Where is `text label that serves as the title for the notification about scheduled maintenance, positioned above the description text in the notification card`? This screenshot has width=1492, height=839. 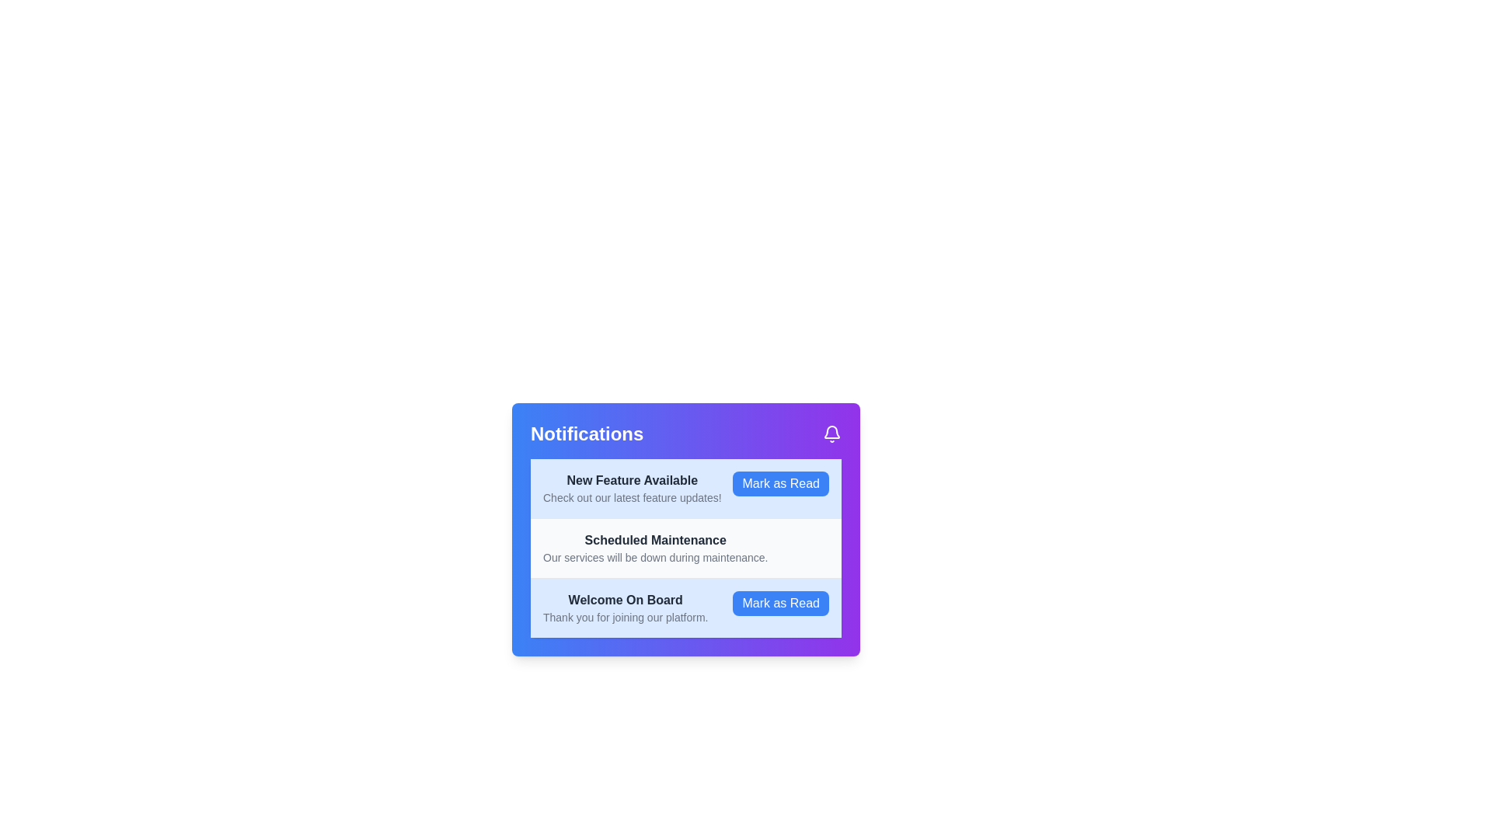
text label that serves as the title for the notification about scheduled maintenance, positioned above the description text in the notification card is located at coordinates (655, 539).